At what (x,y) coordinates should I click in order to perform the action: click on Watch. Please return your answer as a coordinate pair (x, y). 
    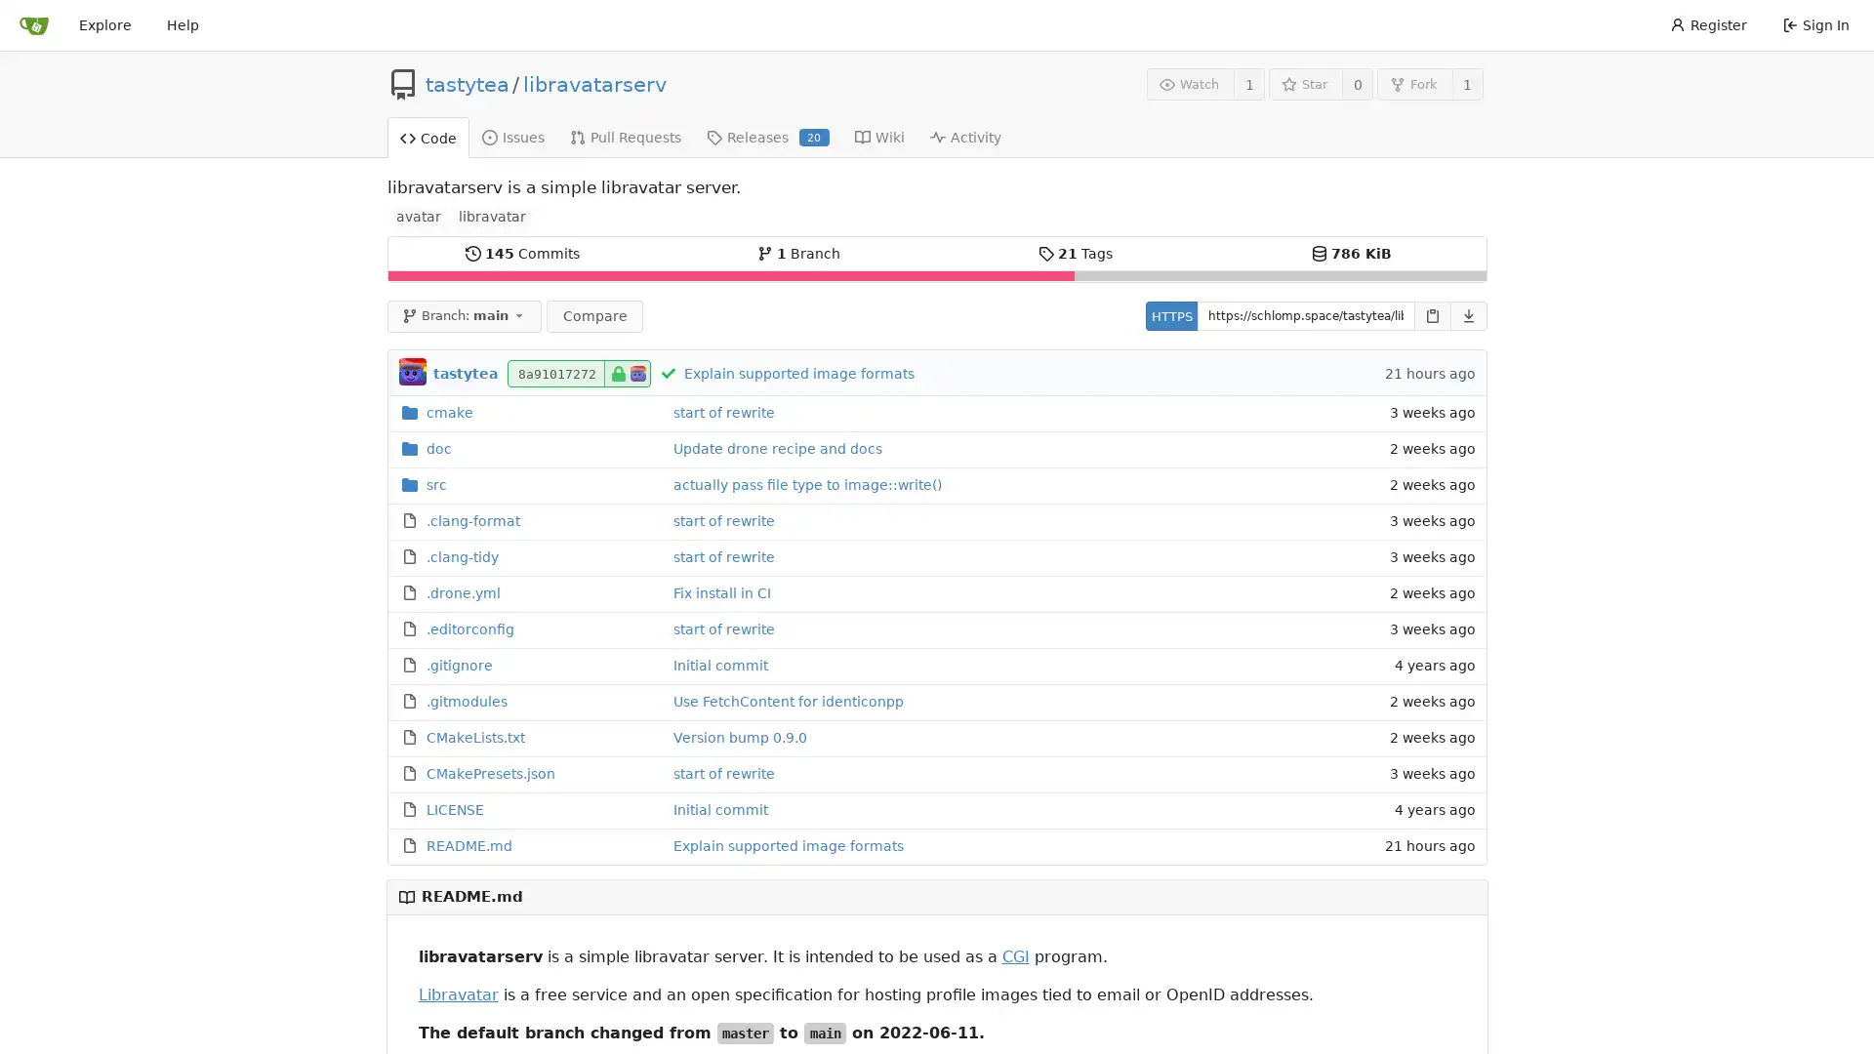
    Looking at the image, I should click on (1189, 83).